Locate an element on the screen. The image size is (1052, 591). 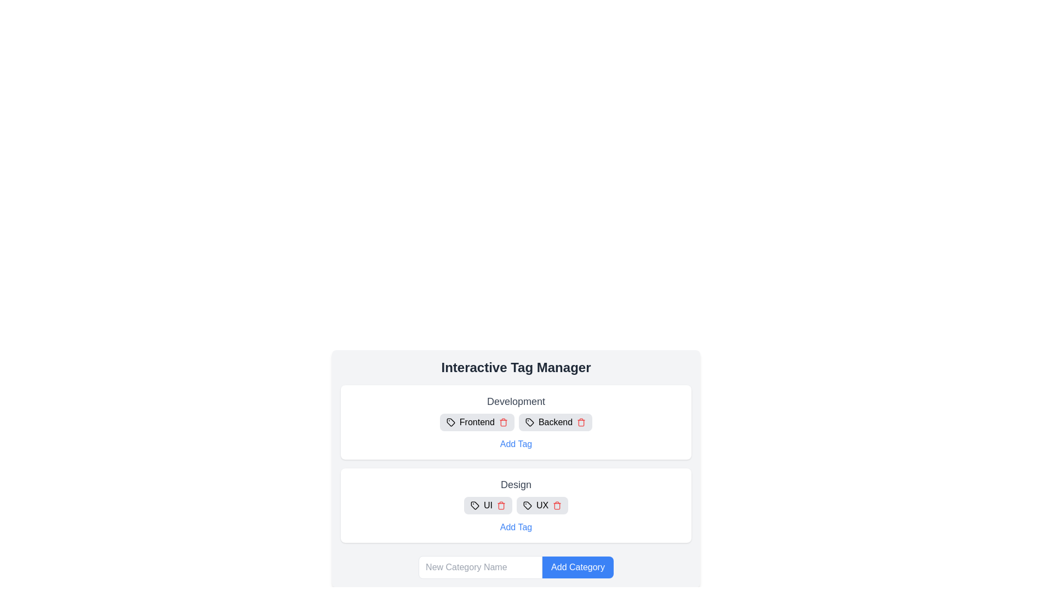
the 'Add Tag' link, which is a blue text link located near the bottom of the 'Design' section, below the 'UI' and 'UX' tag buttons is located at coordinates (515, 527).